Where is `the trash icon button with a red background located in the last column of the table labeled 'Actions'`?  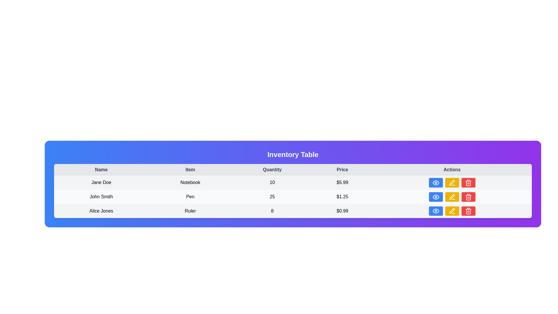
the trash icon button with a red background located in the last column of the table labeled 'Actions' is located at coordinates (468, 182).